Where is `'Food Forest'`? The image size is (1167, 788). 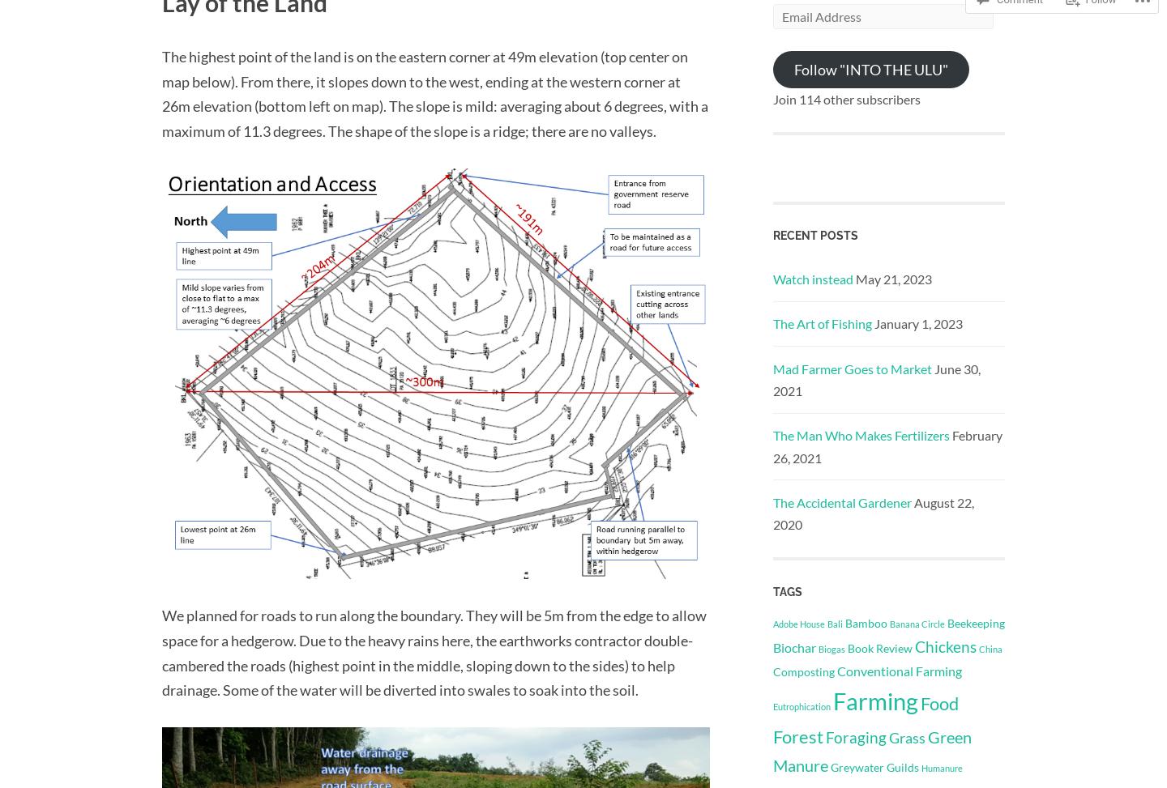
'Food Forest' is located at coordinates (773, 719).